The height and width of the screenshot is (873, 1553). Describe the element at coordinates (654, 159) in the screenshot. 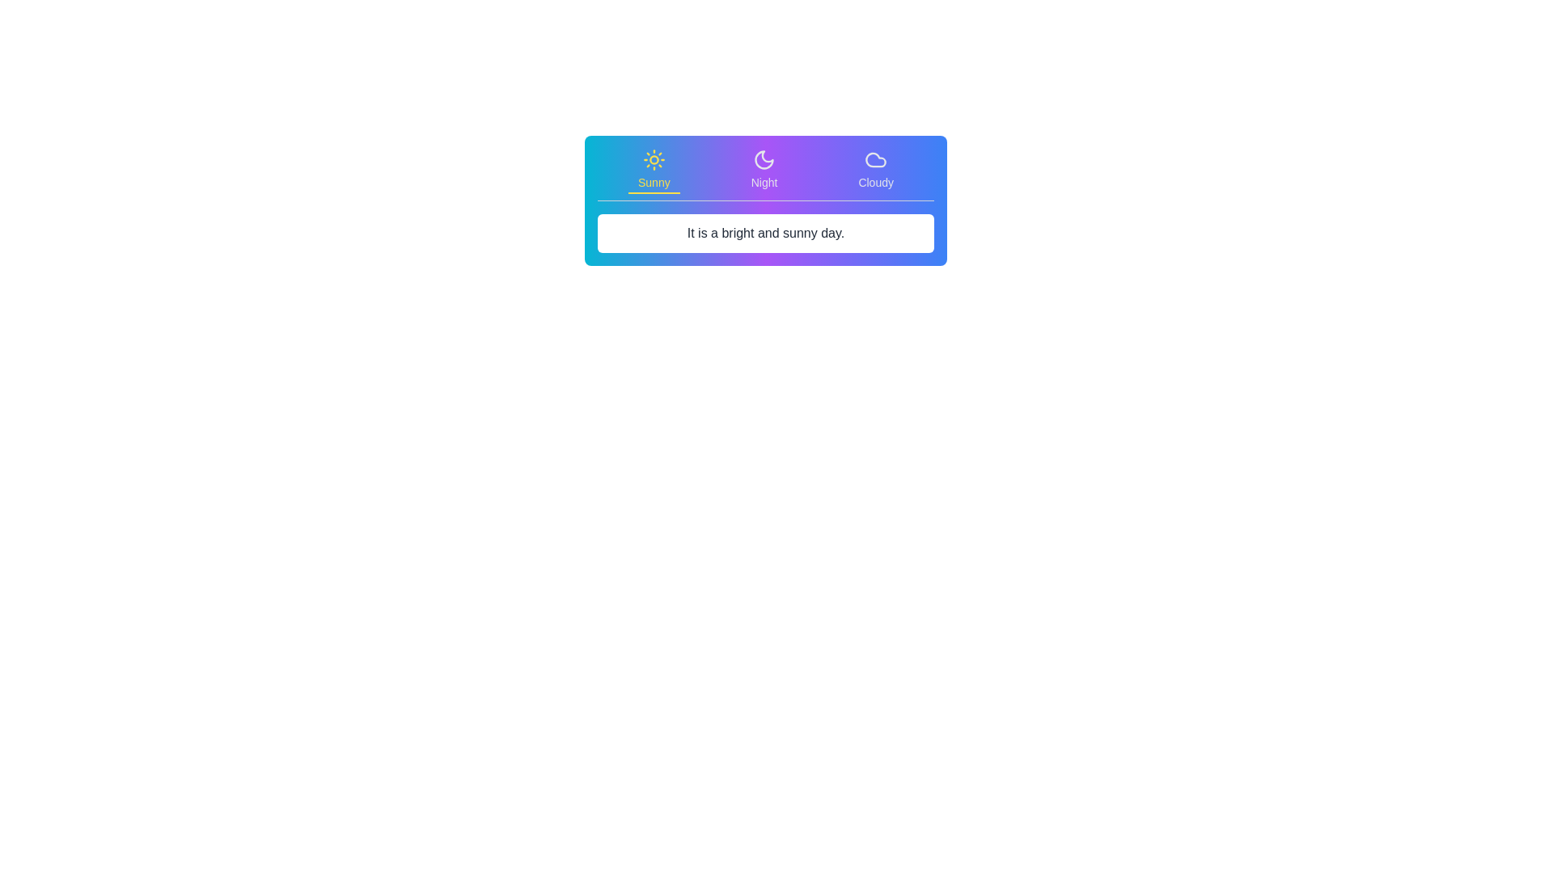

I see `the graphical circle representing the sunny weather condition, which is centrally located within the sun icon in the weather selector interface` at that location.